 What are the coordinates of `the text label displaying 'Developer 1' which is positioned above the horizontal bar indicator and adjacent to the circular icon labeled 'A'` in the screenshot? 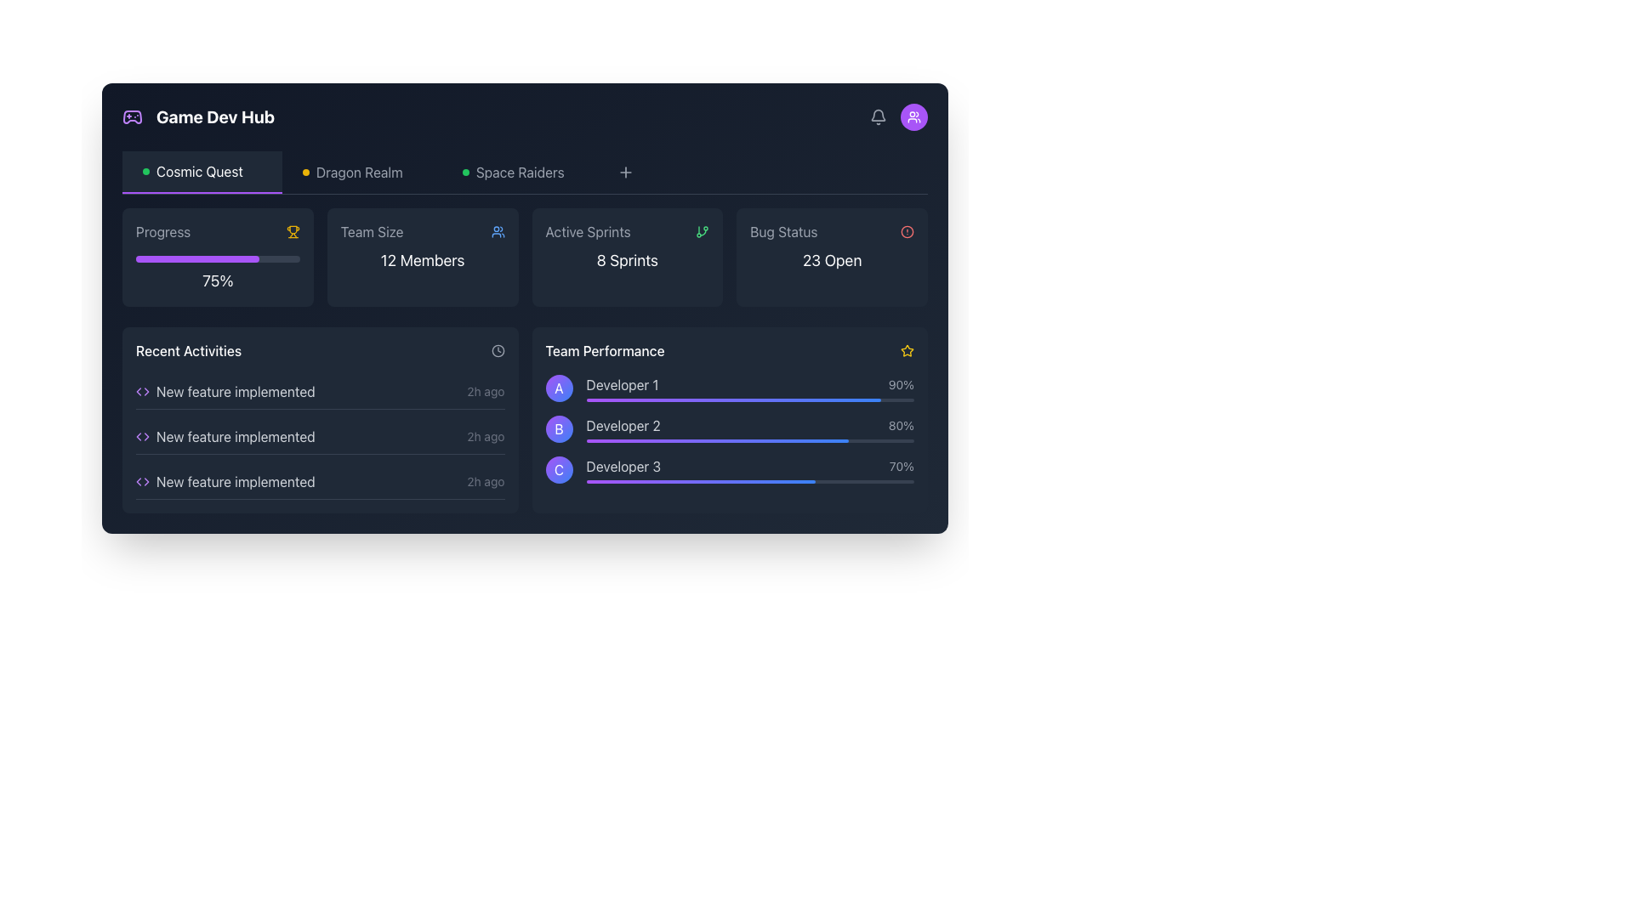 It's located at (622, 384).